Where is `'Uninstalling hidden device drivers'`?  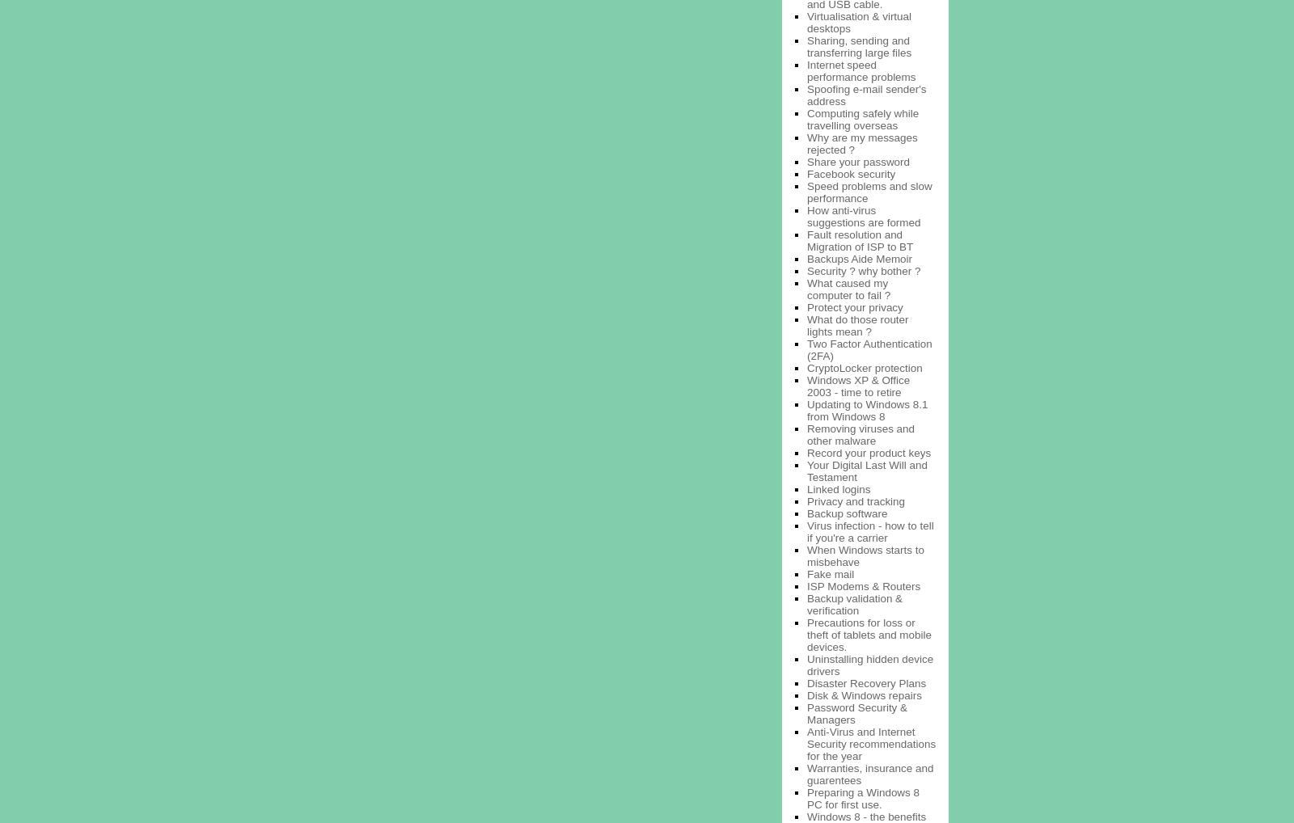
'Uninstalling hidden device drivers' is located at coordinates (870, 664).